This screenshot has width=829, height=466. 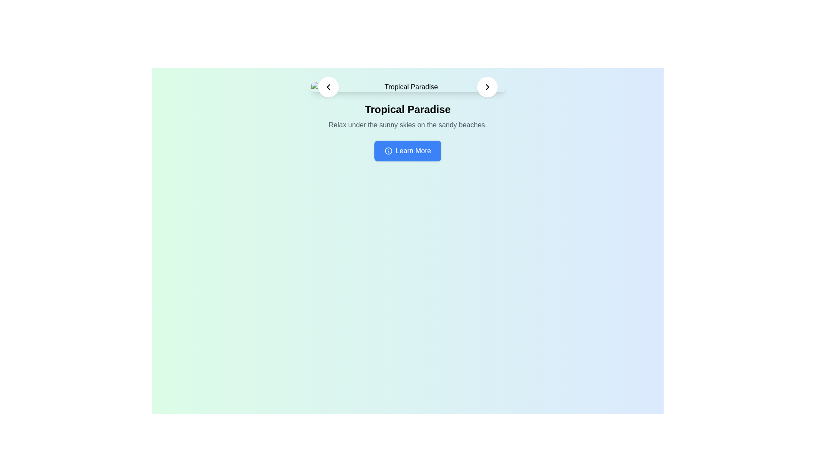 I want to click on the 'Learn More' button which contains the information icon on its left side, so click(x=388, y=151).